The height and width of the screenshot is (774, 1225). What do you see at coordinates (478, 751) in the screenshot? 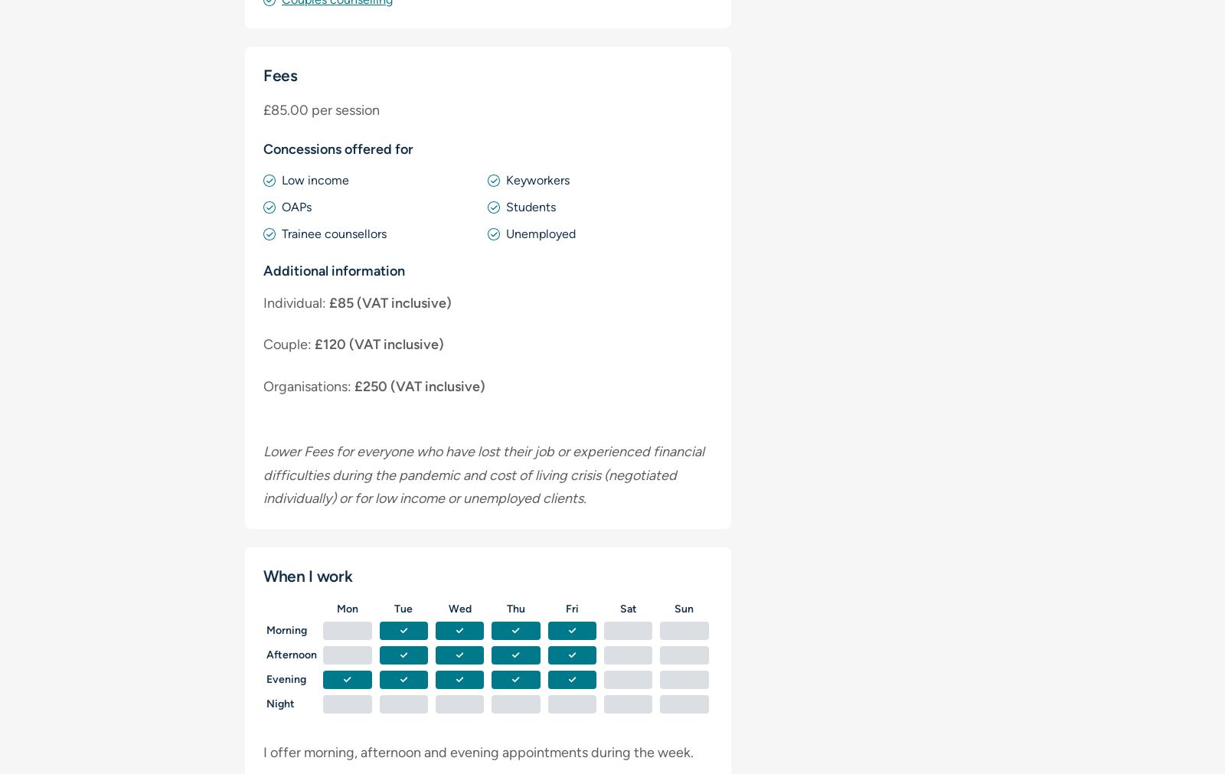
I see `'I offer morning, afternoon and evening appointments during the week.'` at bounding box center [478, 751].